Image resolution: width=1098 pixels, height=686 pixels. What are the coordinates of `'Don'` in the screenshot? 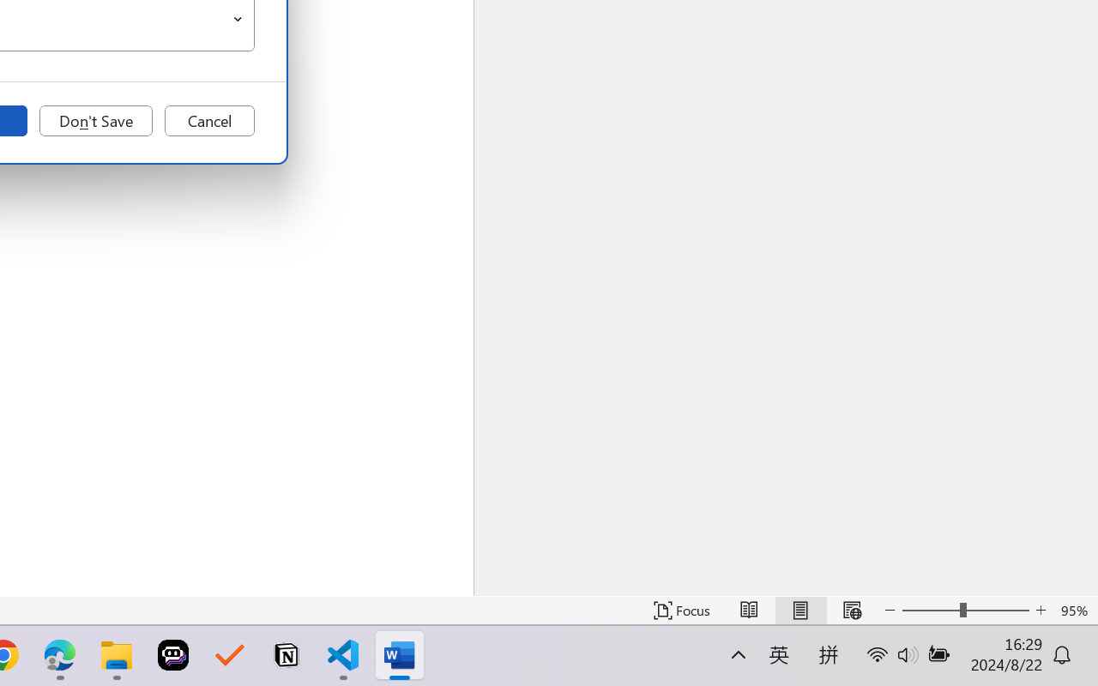 It's located at (95, 121).